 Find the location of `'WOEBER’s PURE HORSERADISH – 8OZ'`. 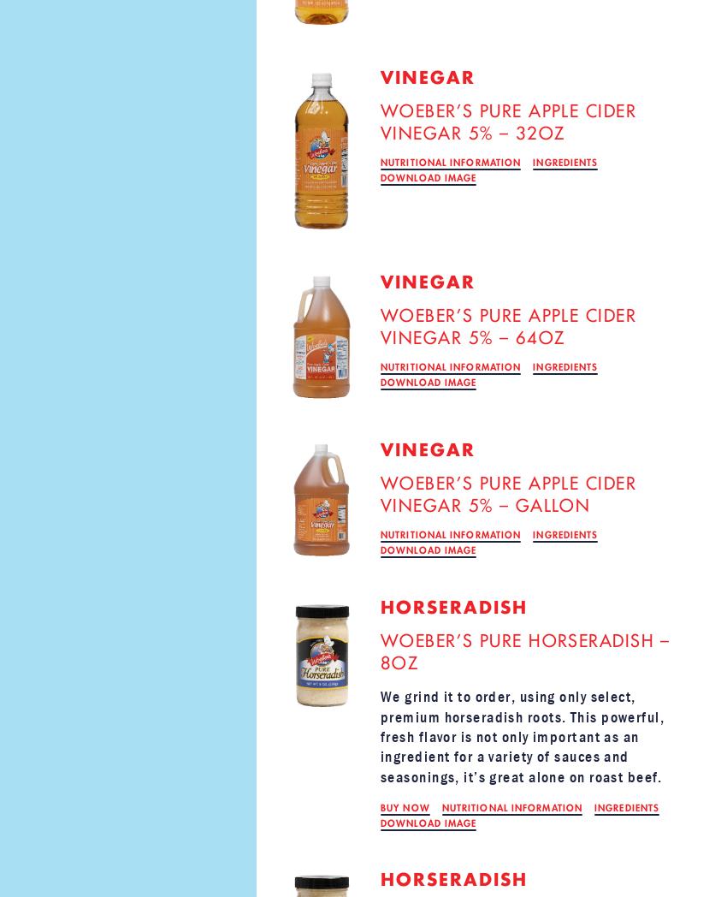

'WOEBER’s PURE HORSERADISH – 8OZ' is located at coordinates (524, 652).